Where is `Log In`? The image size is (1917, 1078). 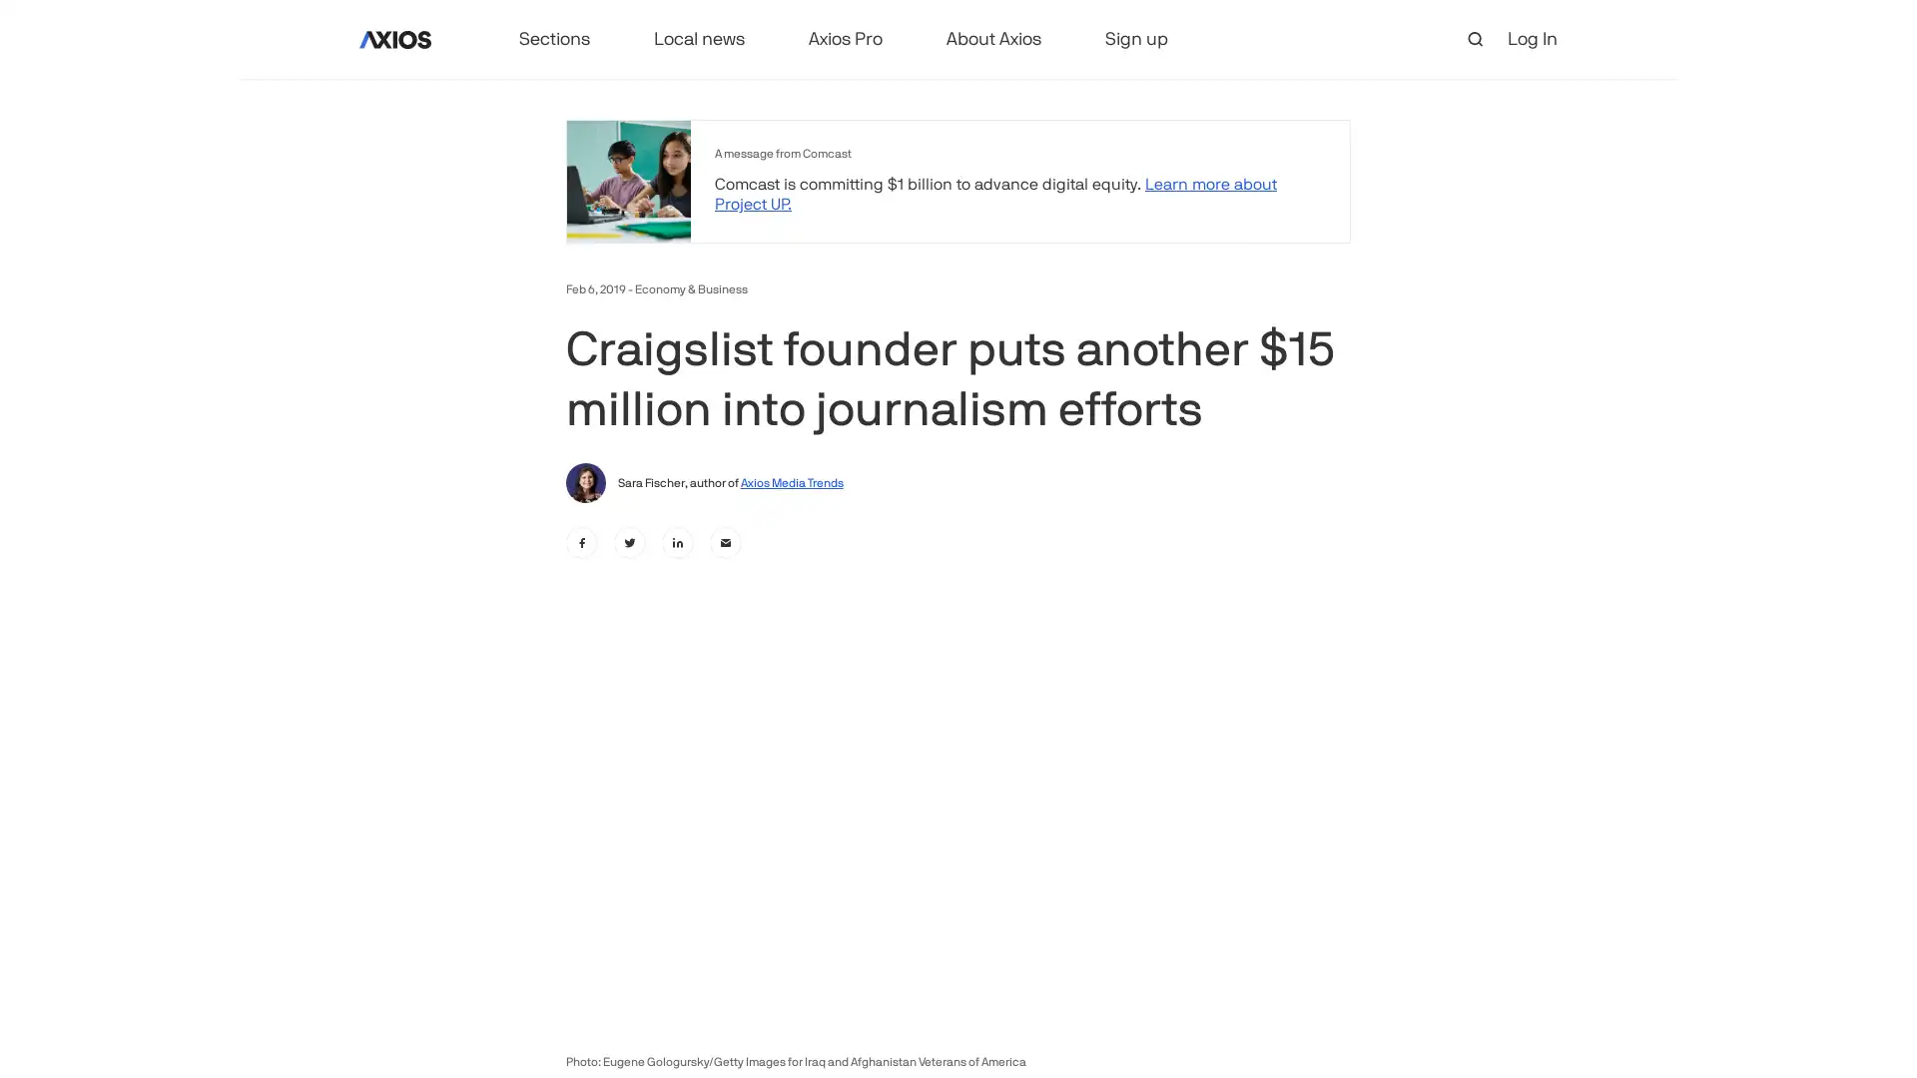
Log In is located at coordinates (1532, 38).